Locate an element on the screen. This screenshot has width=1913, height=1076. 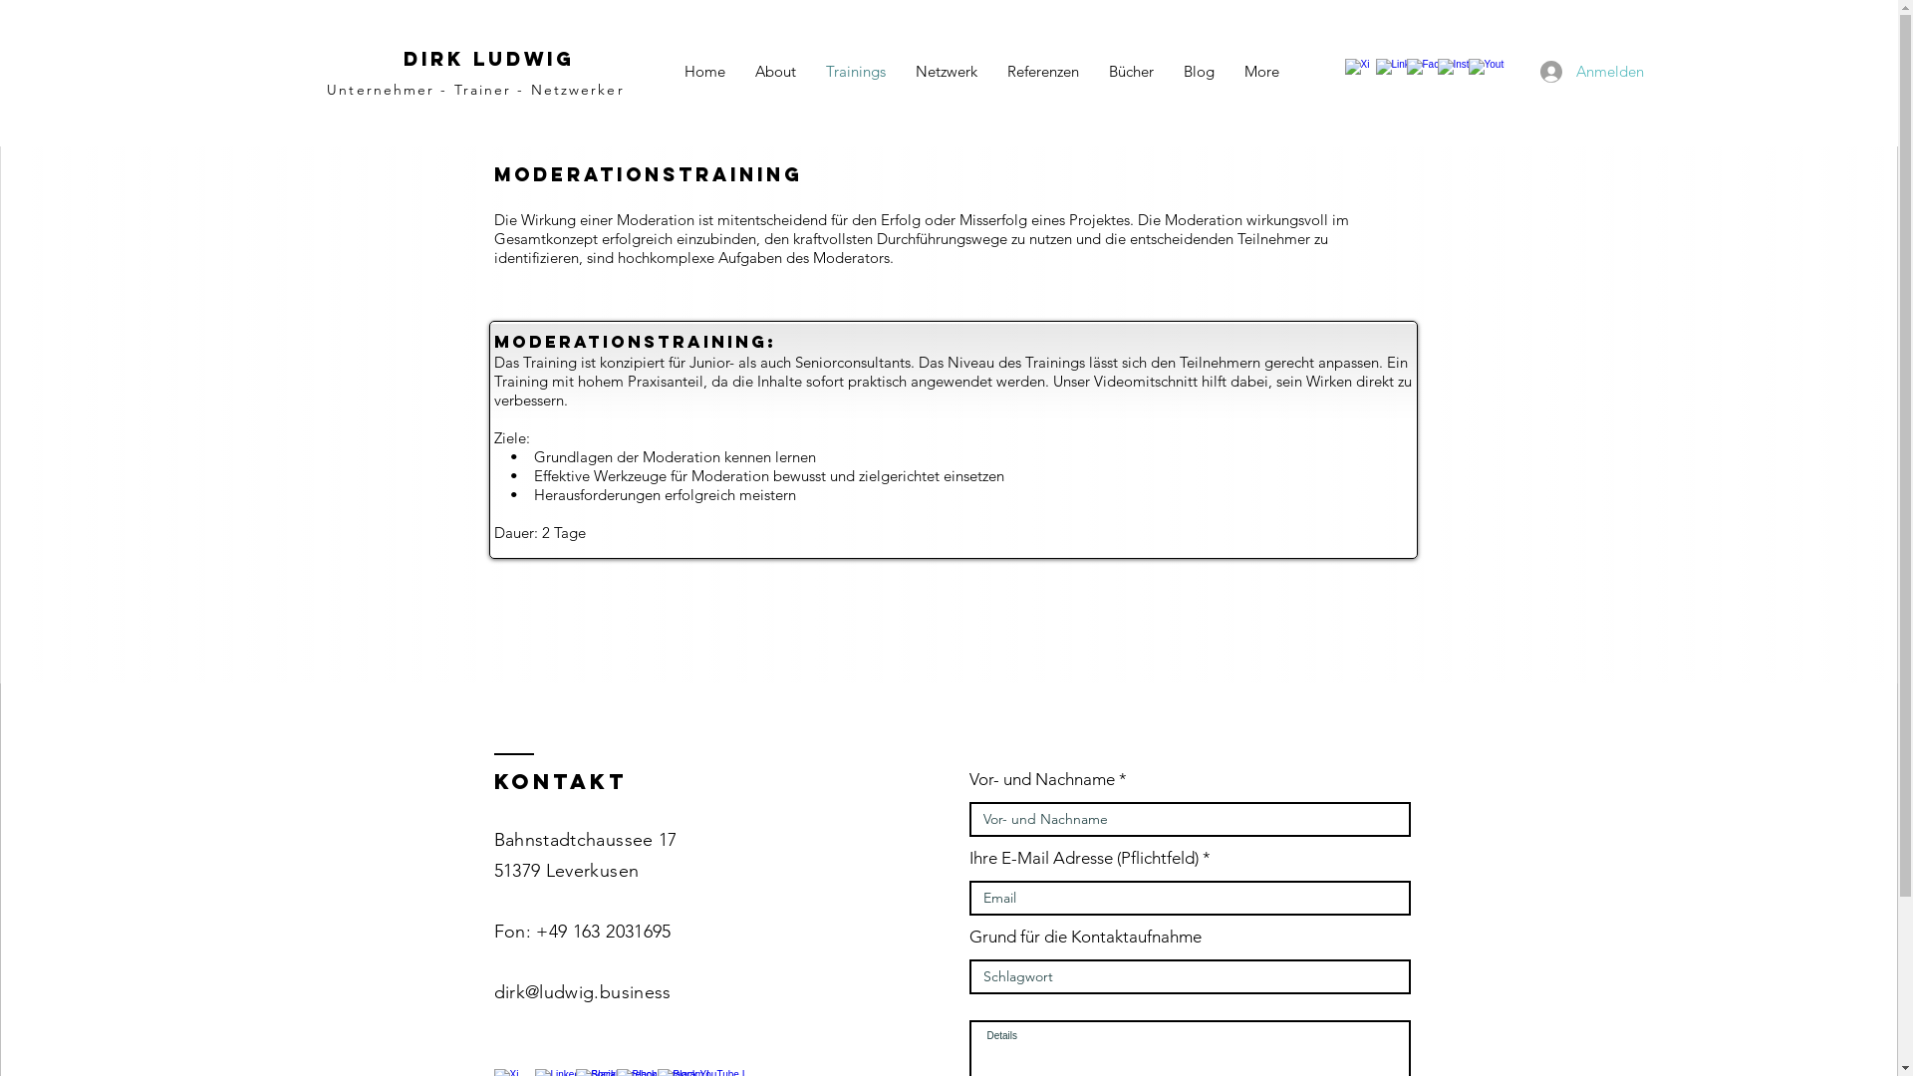
'Trainings' is located at coordinates (856, 71).